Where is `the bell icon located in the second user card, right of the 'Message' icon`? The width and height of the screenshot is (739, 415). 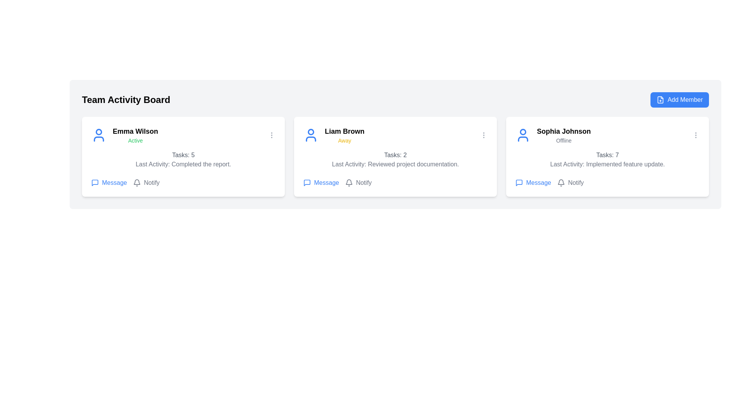
the bell icon located in the second user card, right of the 'Message' icon is located at coordinates (349, 183).